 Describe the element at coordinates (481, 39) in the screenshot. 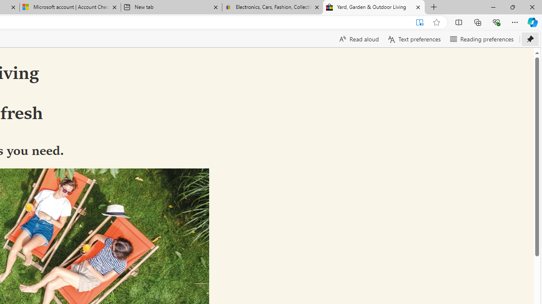

I see `'Reading preferences'` at that location.